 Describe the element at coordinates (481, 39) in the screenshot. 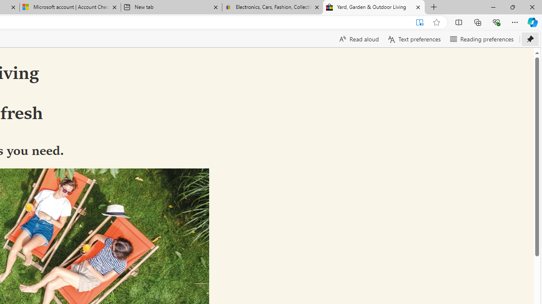

I see `'Reading preferences'` at that location.